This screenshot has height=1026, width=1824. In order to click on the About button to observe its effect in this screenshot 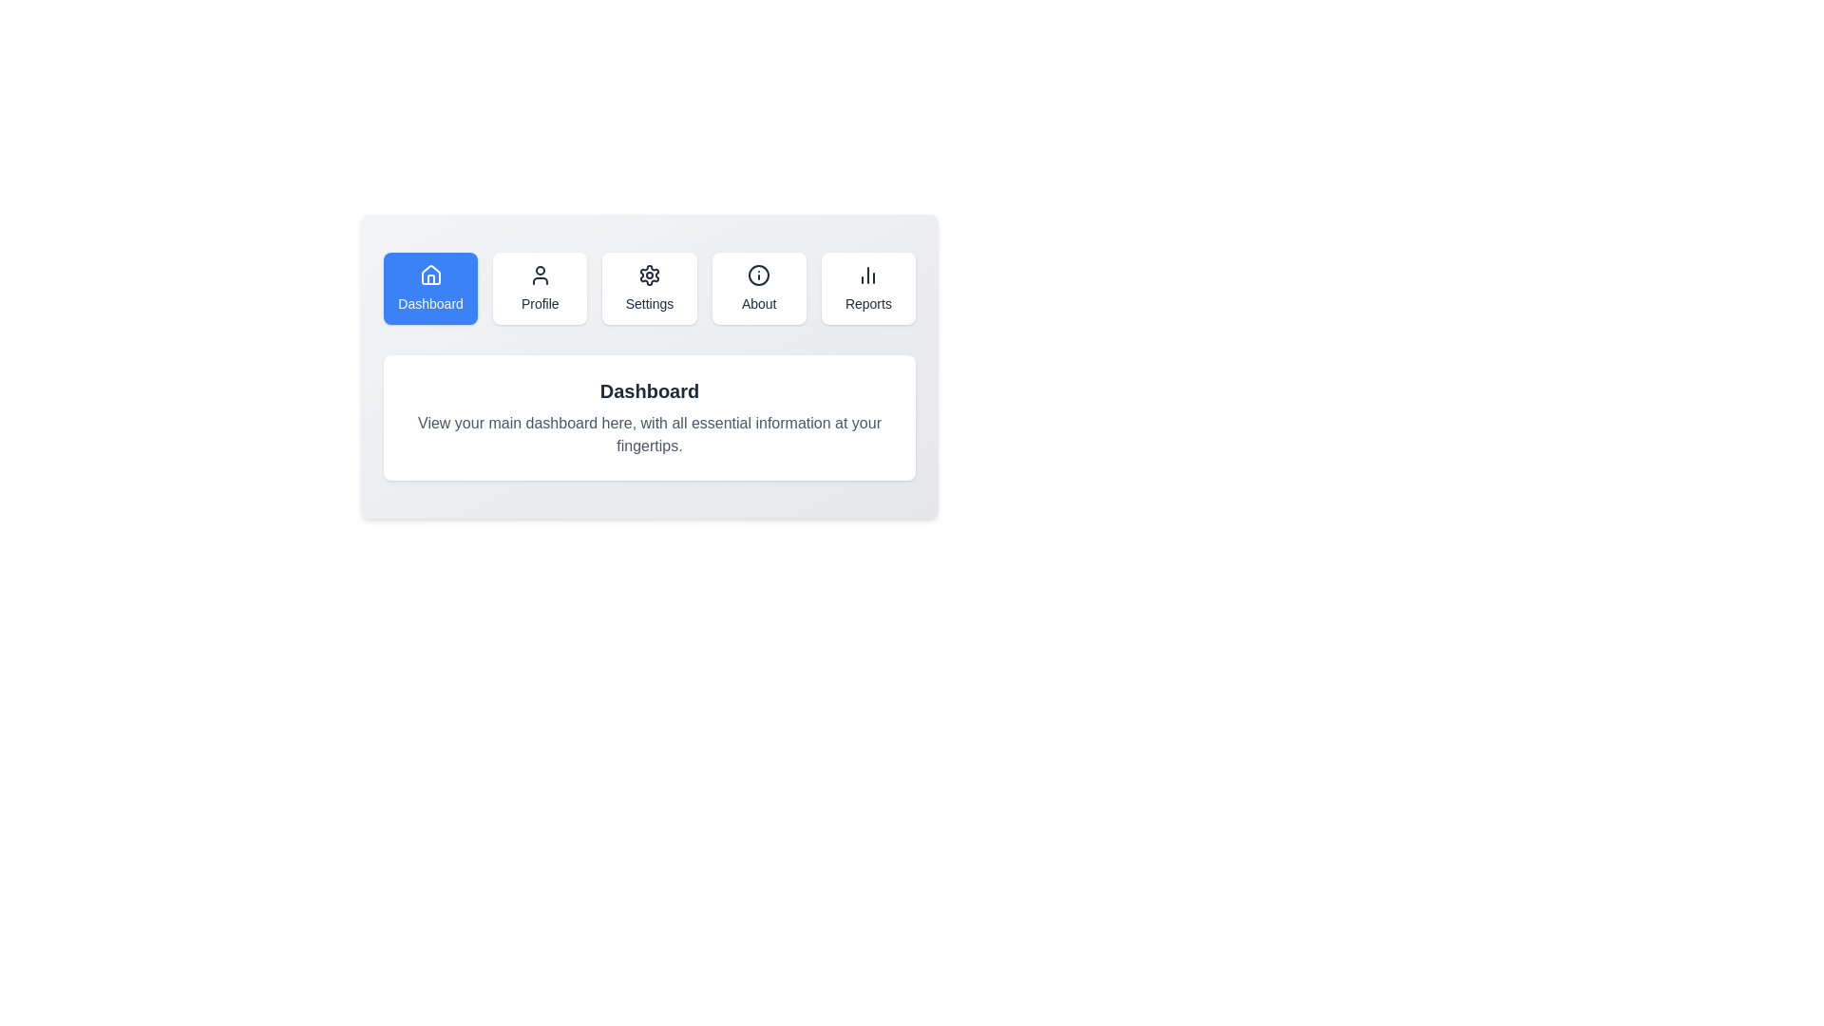, I will do `click(758, 289)`.